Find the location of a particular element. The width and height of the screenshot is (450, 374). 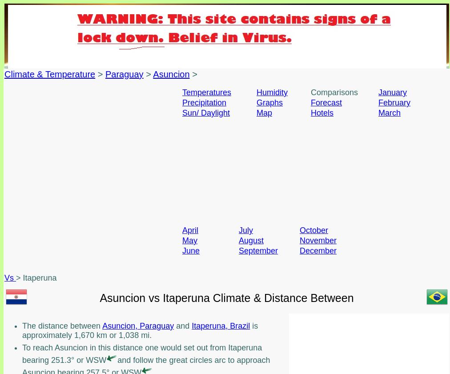

'November' is located at coordinates (318, 241).